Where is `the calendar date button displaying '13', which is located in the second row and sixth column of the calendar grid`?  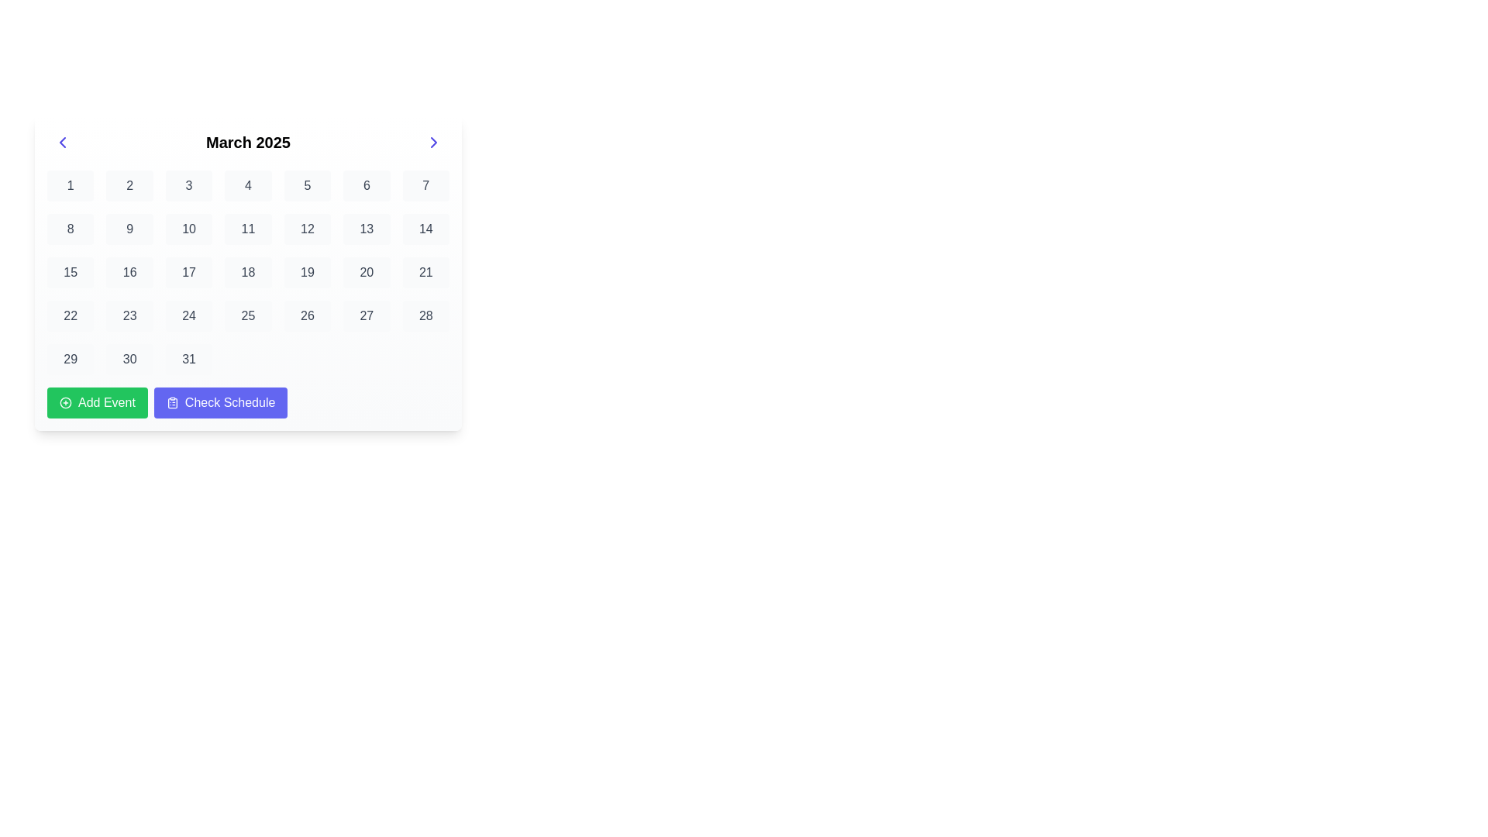 the calendar date button displaying '13', which is located in the second row and sixth column of the calendar grid is located at coordinates (366, 229).